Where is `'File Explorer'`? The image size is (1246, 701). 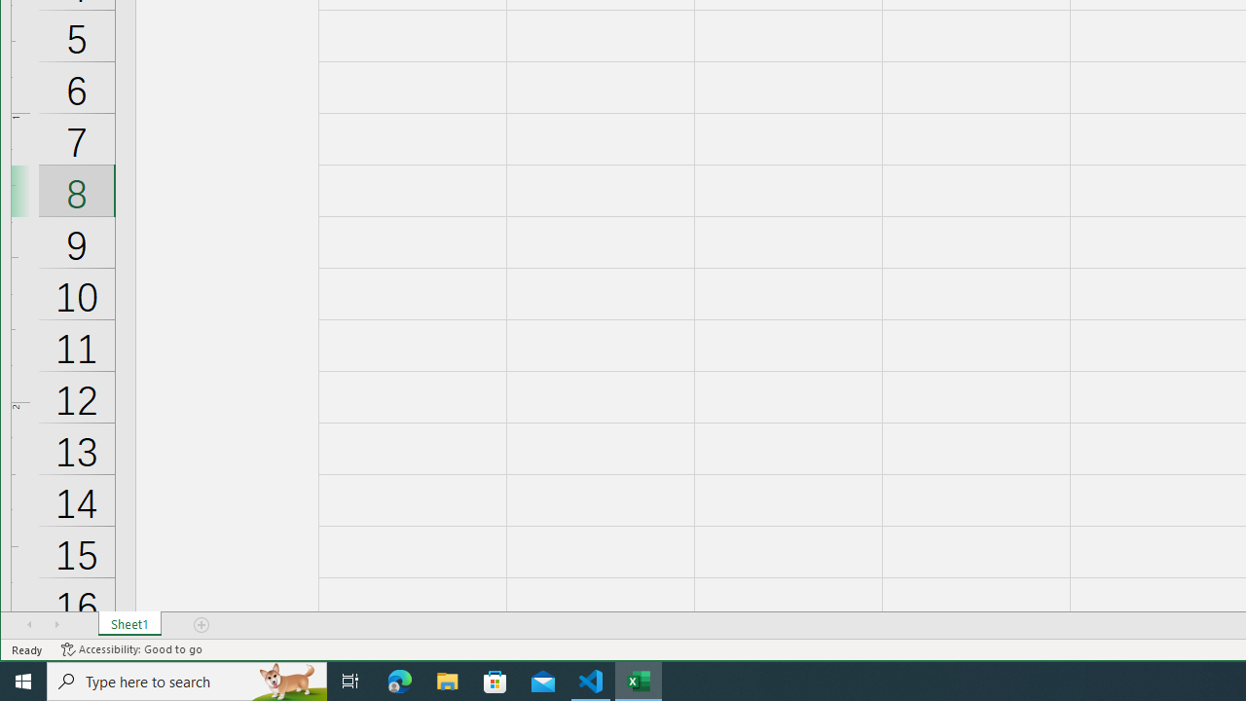
'File Explorer' is located at coordinates (447, 680).